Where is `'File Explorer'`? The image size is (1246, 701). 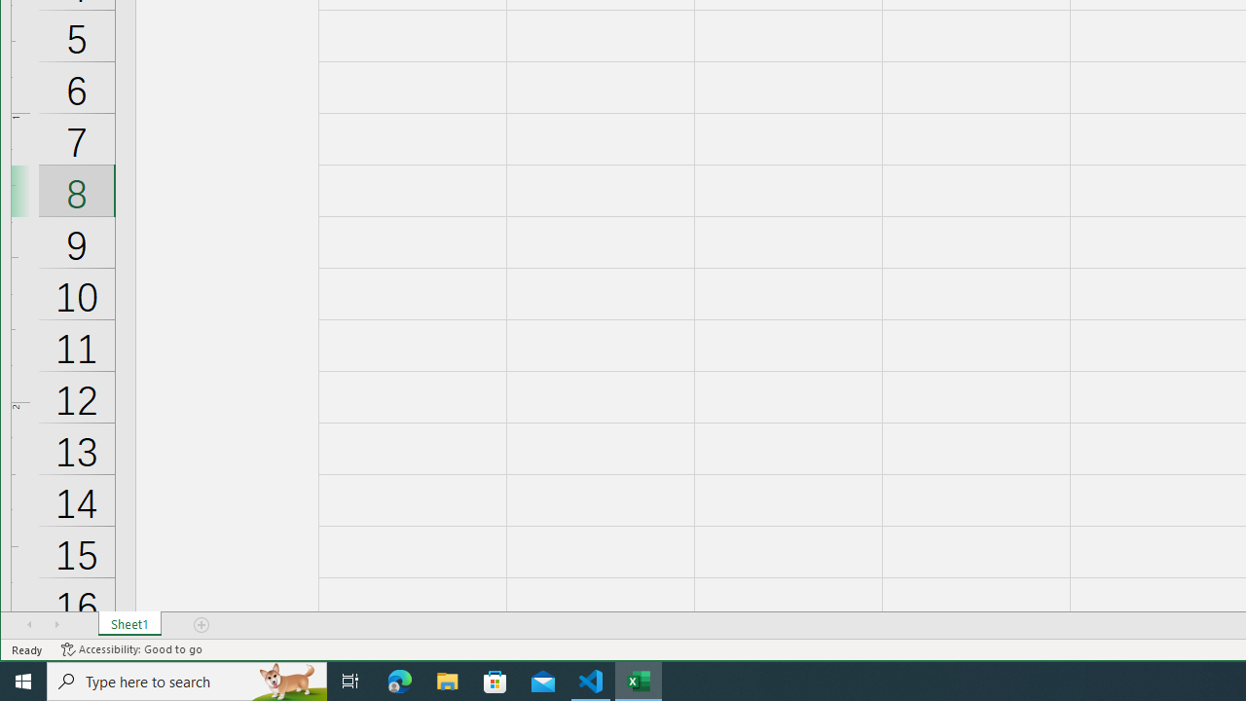
'File Explorer' is located at coordinates (447, 680).